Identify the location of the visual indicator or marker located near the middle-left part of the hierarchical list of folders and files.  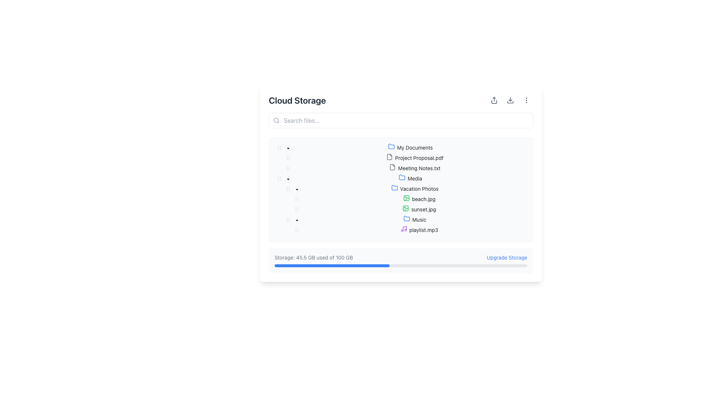
(288, 188).